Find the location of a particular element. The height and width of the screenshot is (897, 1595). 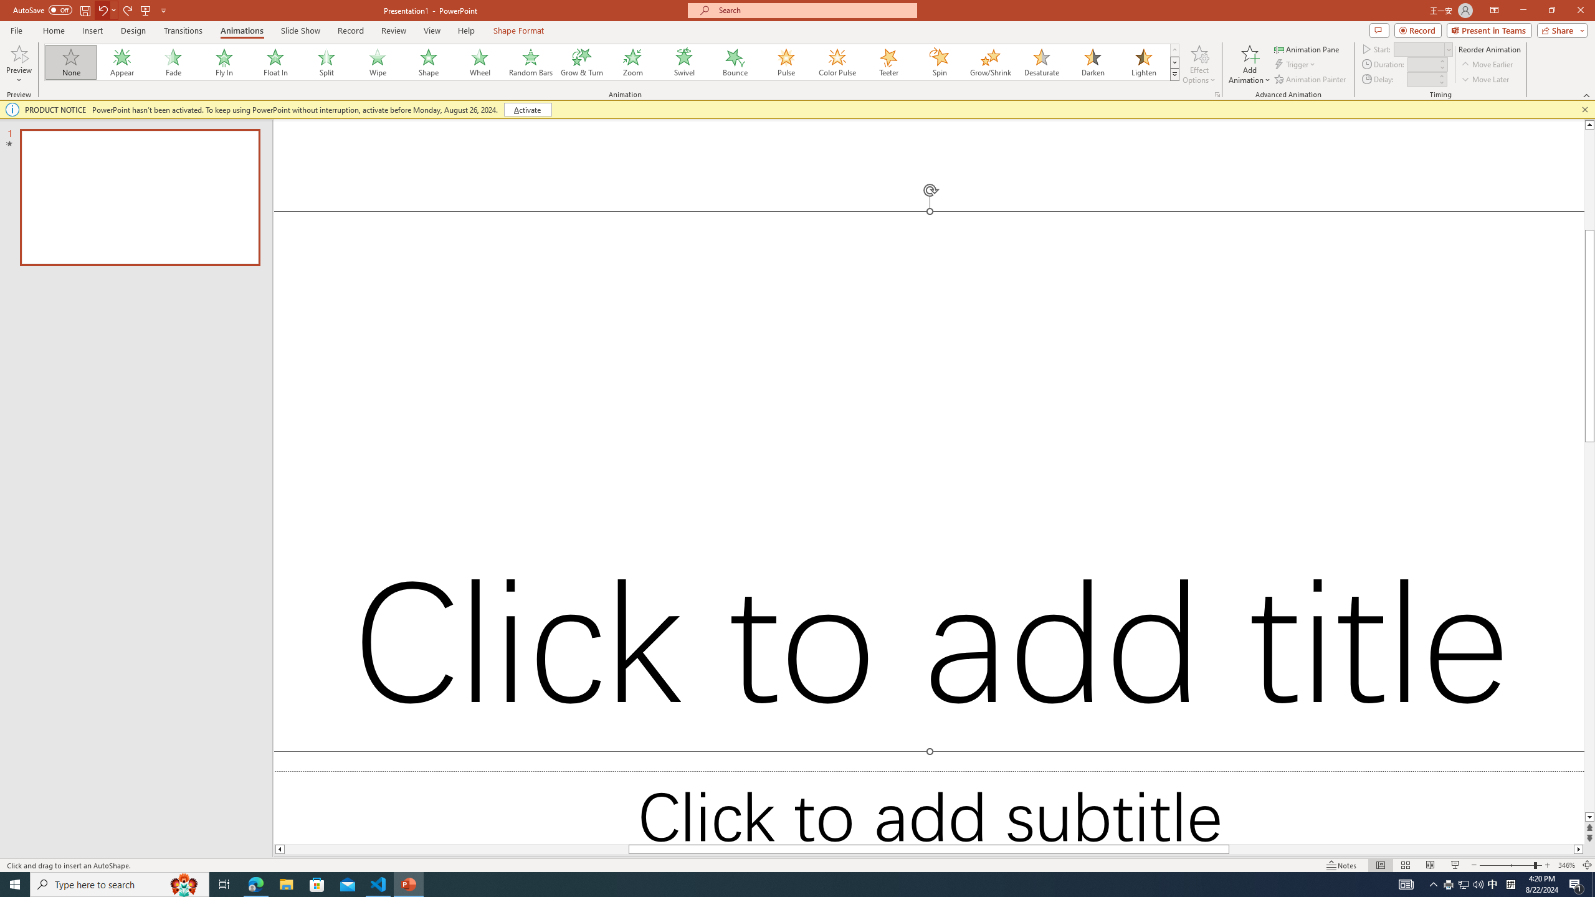

'Swivel' is located at coordinates (683, 62).